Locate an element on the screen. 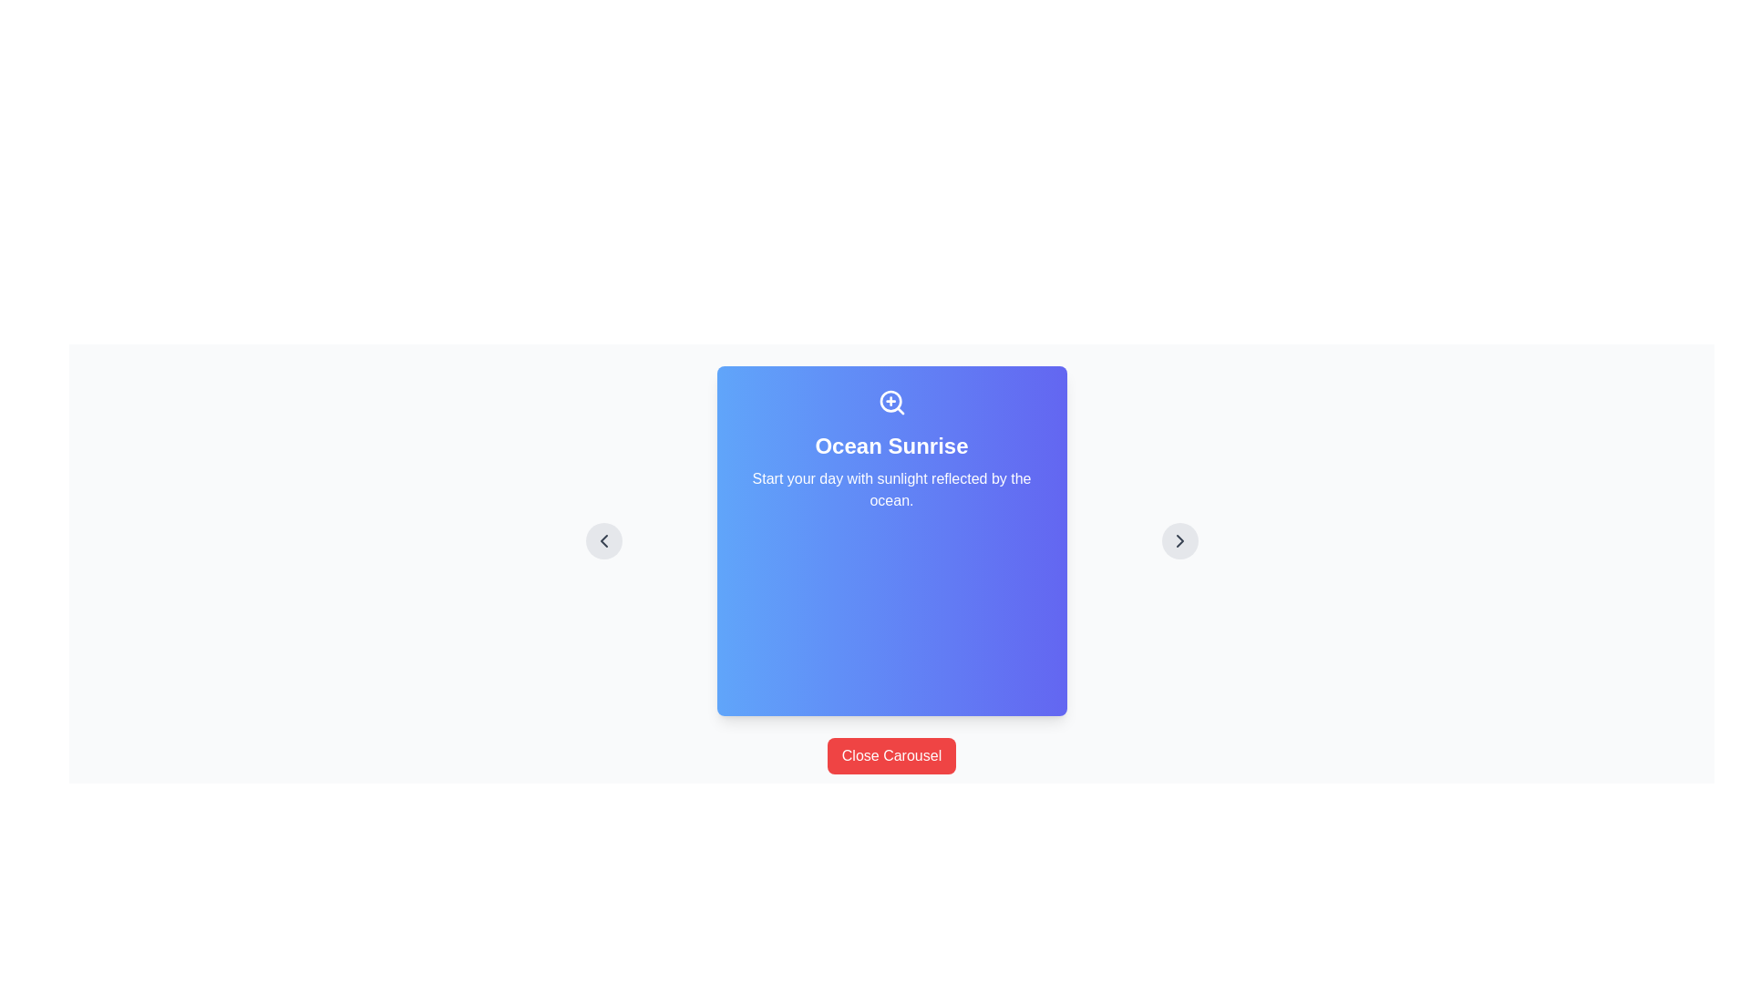  the Informational Card located at the center of the carousel, which provides information or a preview of the content represented by the title and subtitle is located at coordinates (891, 540).